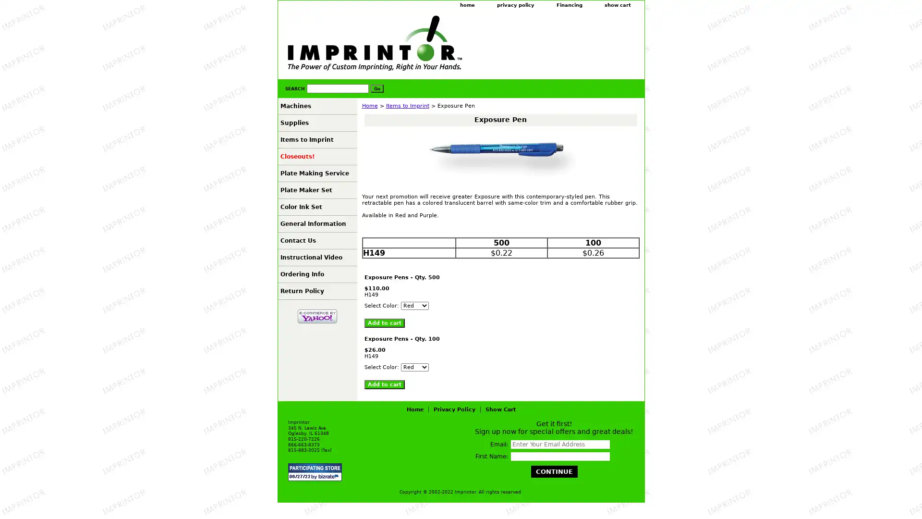  Describe the element at coordinates (384, 323) in the screenshot. I see `Add to cart` at that location.